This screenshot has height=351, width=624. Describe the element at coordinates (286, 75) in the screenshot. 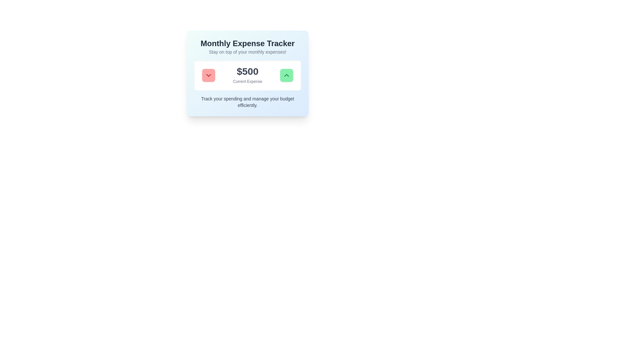

I see `the upward navigation icon styled as a button located within the 'Monthly Expense Tracker' card interface` at that location.